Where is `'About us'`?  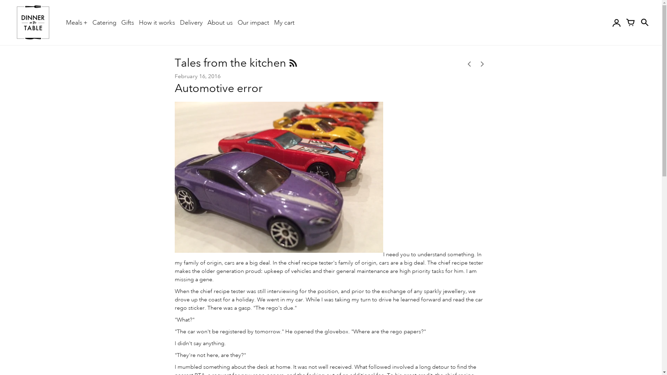 'About us' is located at coordinates (207, 22).